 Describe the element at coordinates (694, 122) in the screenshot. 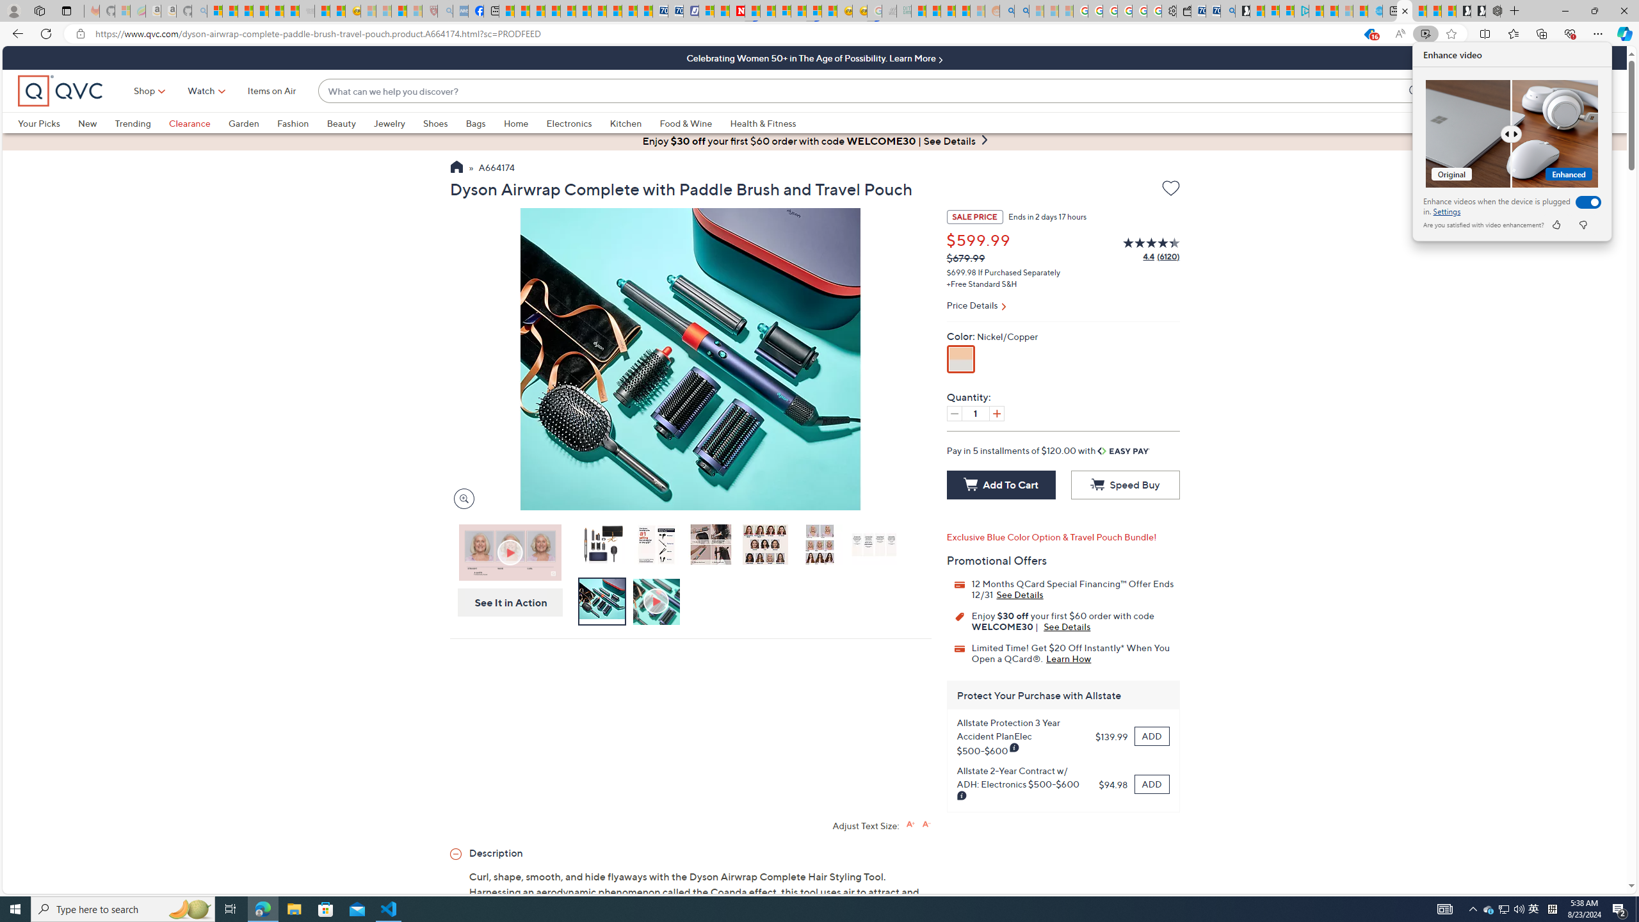

I see `'Food & Wine'` at that location.